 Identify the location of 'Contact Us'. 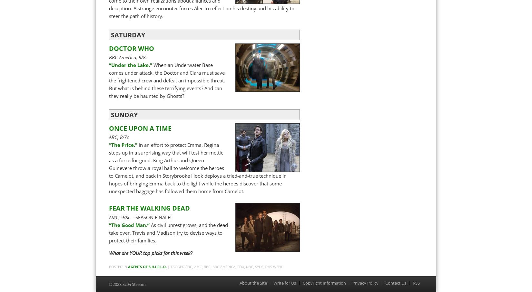
(395, 282).